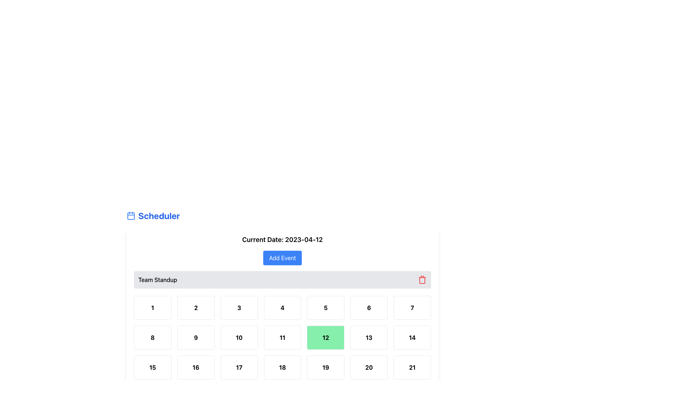 This screenshot has height=393, width=699. Describe the element at coordinates (325, 368) in the screenshot. I see `the grid cell element containing the number '19'` at that location.